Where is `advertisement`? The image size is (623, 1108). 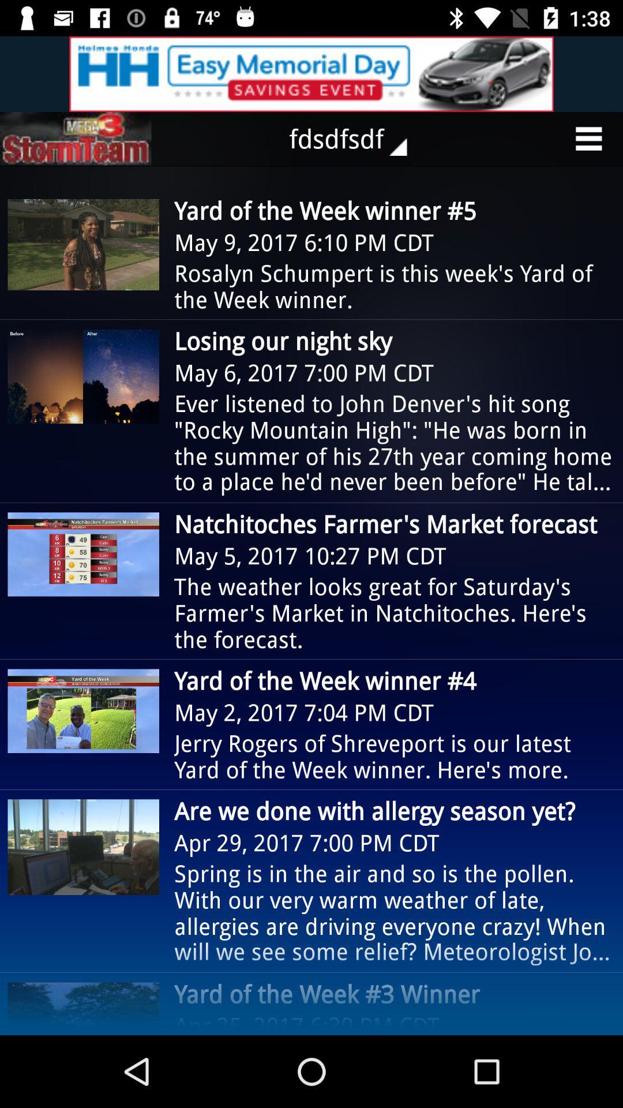 advertisement is located at coordinates (311, 73).